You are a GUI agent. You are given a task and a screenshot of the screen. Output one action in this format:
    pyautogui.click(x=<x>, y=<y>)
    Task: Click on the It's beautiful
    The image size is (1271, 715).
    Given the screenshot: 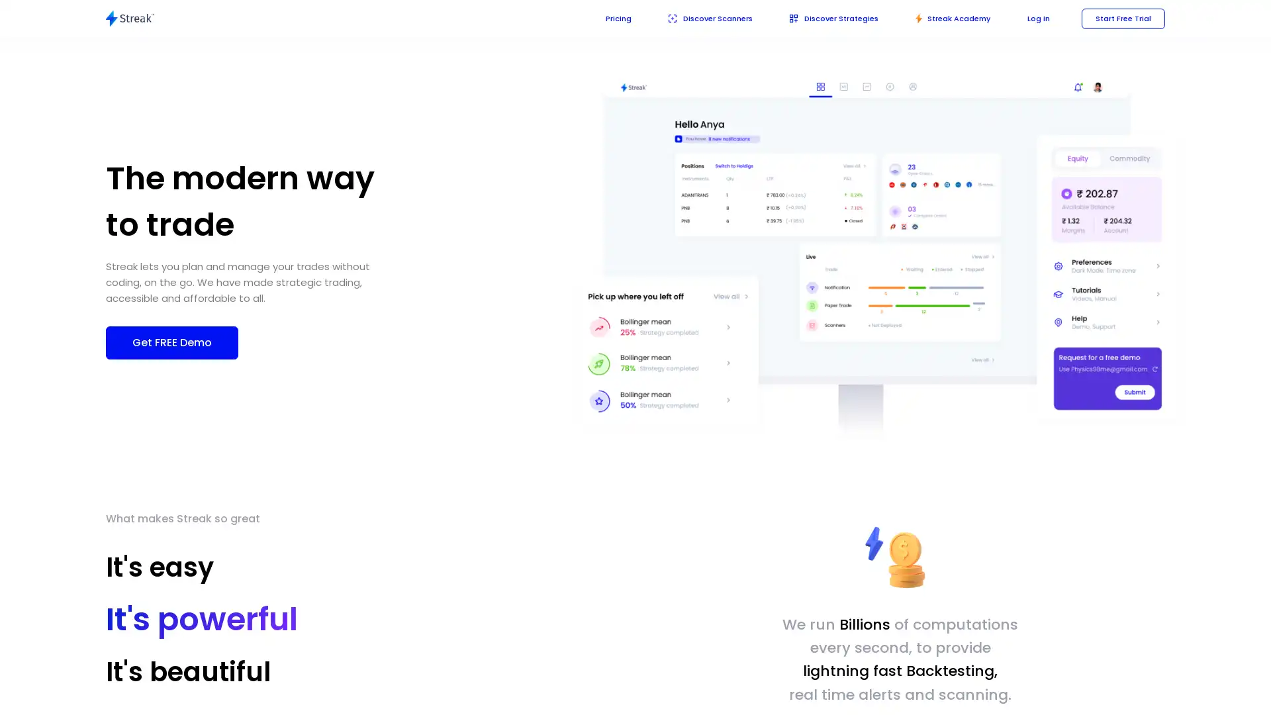 What is the action you would take?
    pyautogui.click(x=187, y=671)
    